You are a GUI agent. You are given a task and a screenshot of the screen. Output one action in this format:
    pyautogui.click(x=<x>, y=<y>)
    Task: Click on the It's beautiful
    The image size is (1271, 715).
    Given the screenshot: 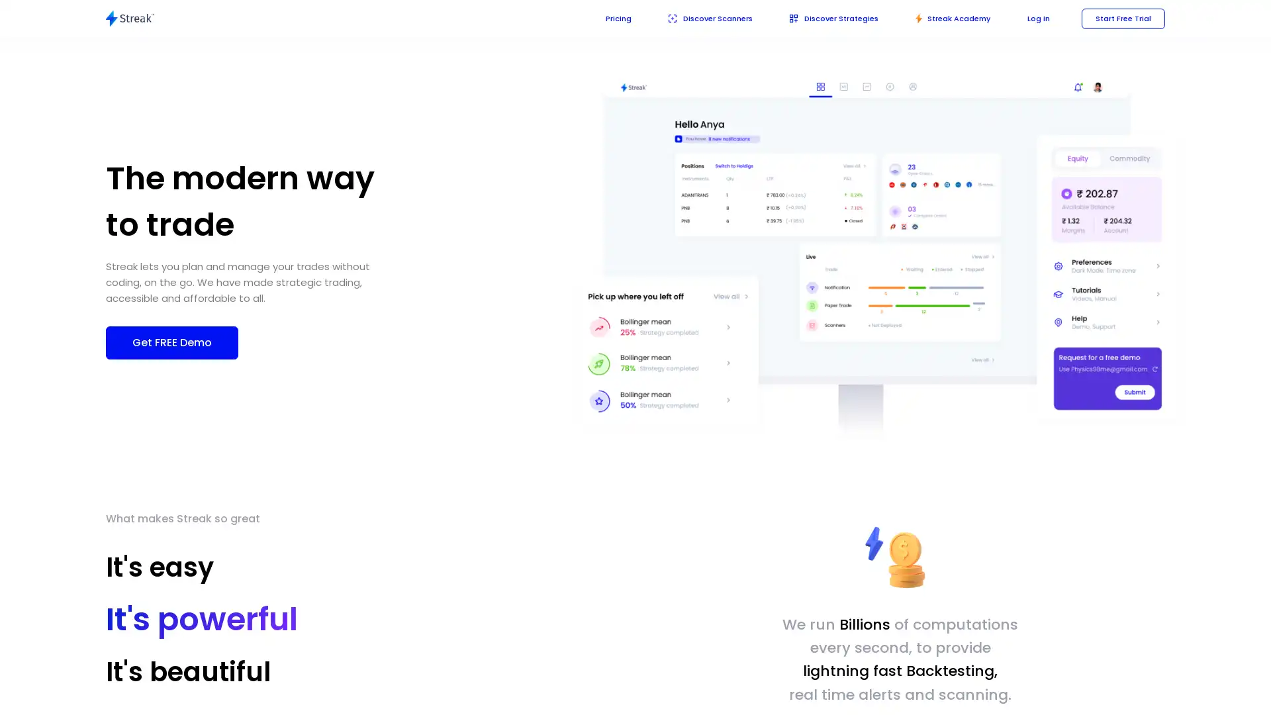 What is the action you would take?
    pyautogui.click(x=187, y=671)
    